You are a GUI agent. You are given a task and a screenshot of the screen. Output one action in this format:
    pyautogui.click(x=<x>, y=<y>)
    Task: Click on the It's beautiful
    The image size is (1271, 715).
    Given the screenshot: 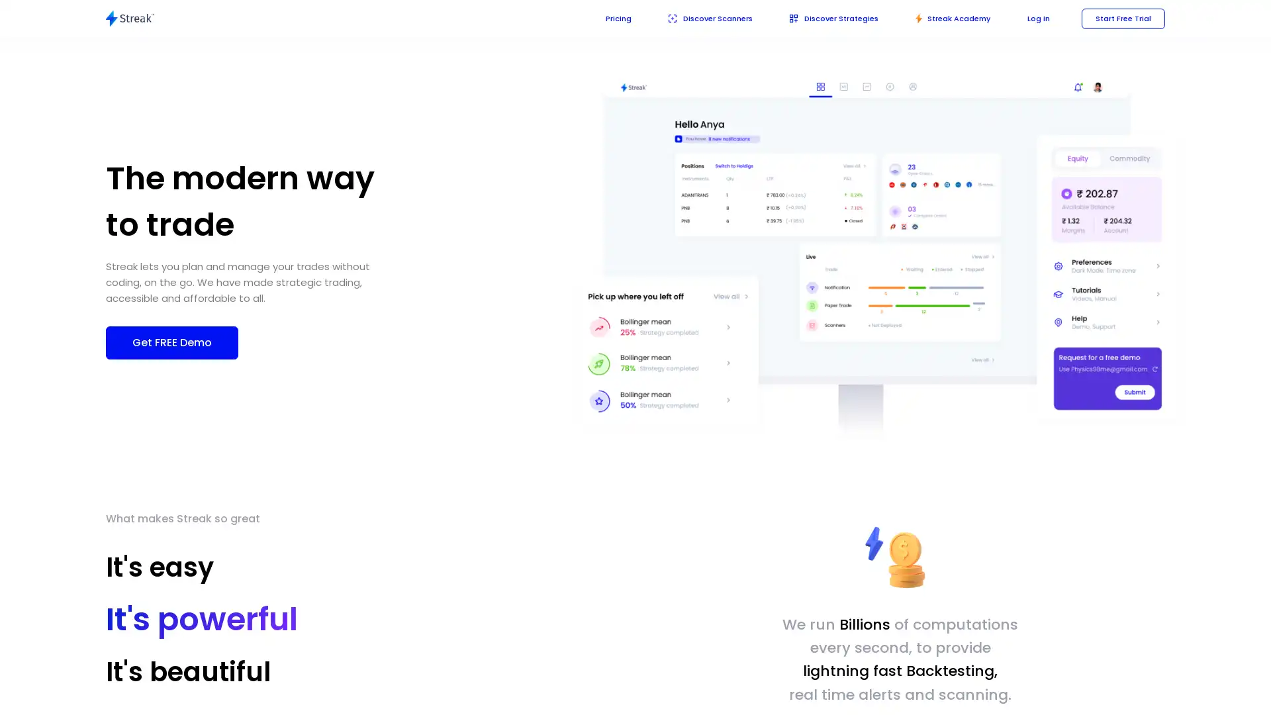 What is the action you would take?
    pyautogui.click(x=187, y=671)
    